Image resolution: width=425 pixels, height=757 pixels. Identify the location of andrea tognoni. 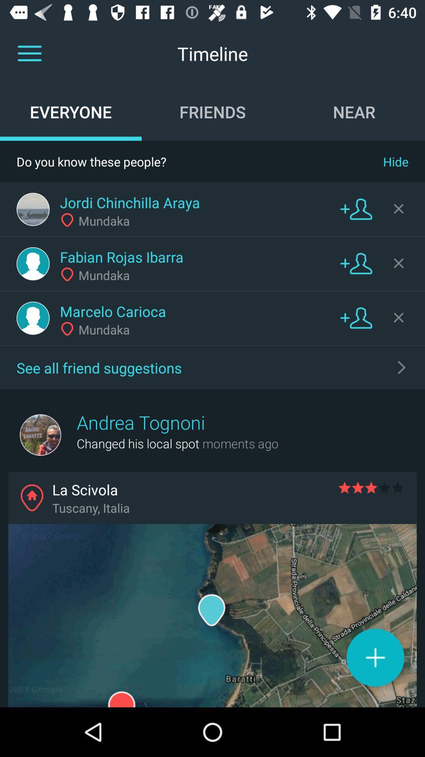
(140, 422).